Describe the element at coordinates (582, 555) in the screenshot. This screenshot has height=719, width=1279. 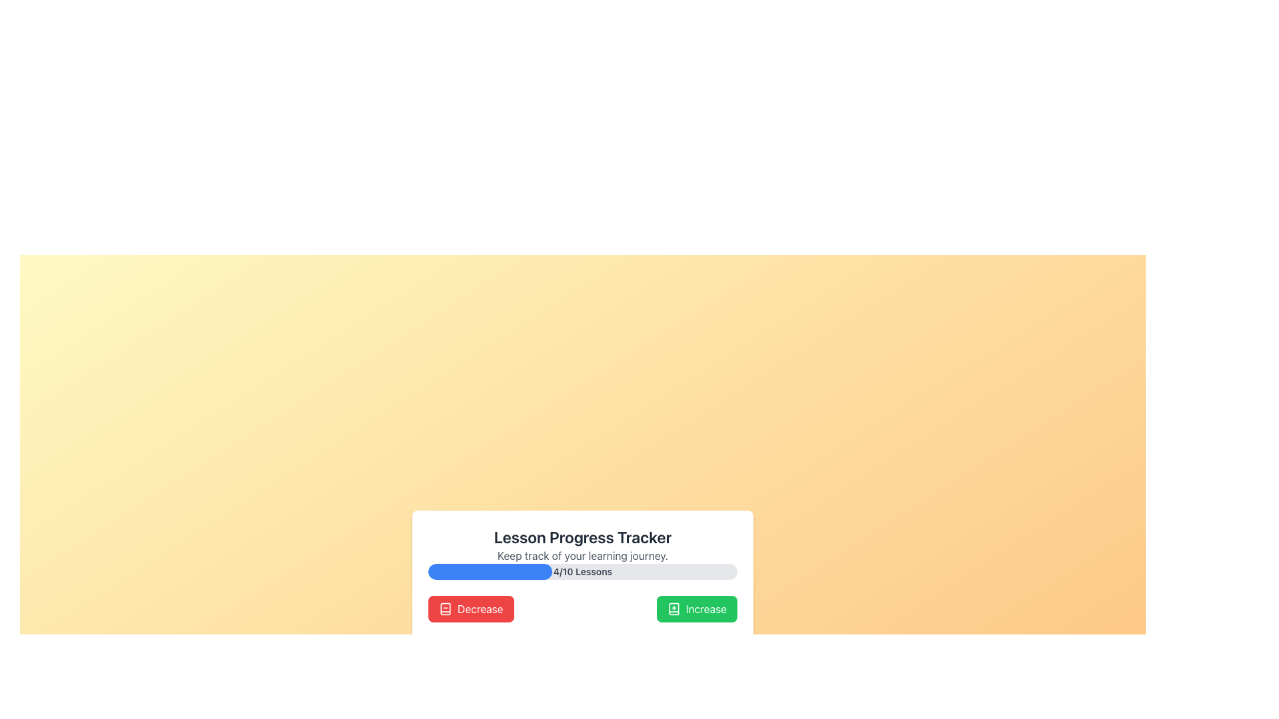
I see `the static text label that reads 'Keep track of your learning journey.' which is styled in gray and positioned below the 'Lesson Progress Tracker' title` at that location.